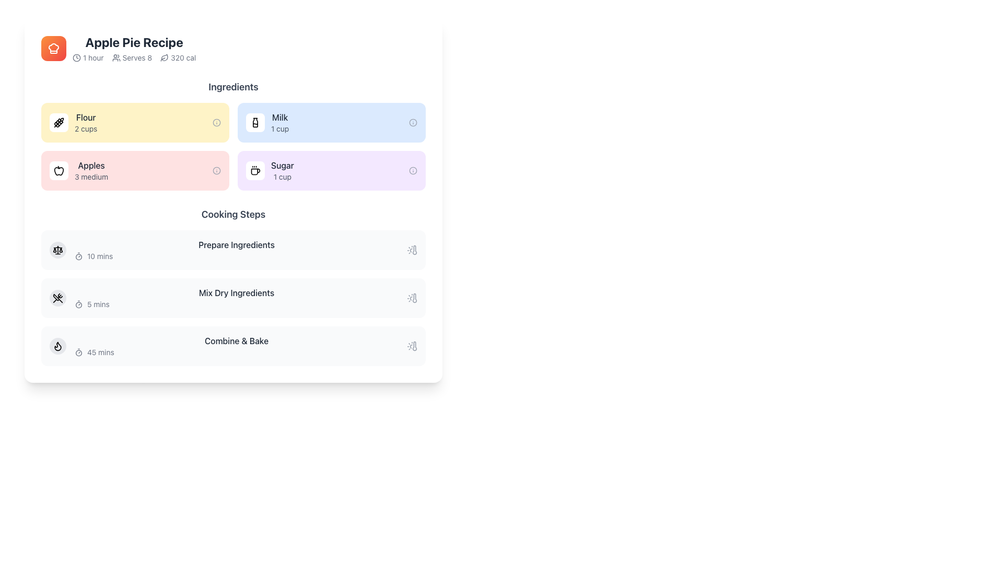 The height and width of the screenshot is (564, 1003). Describe the element at coordinates (76, 58) in the screenshot. I see `the circular outline of the clock icon located at the top-left of the 'Cooking Steps' section, adjacent to the '10 mins' text` at that location.